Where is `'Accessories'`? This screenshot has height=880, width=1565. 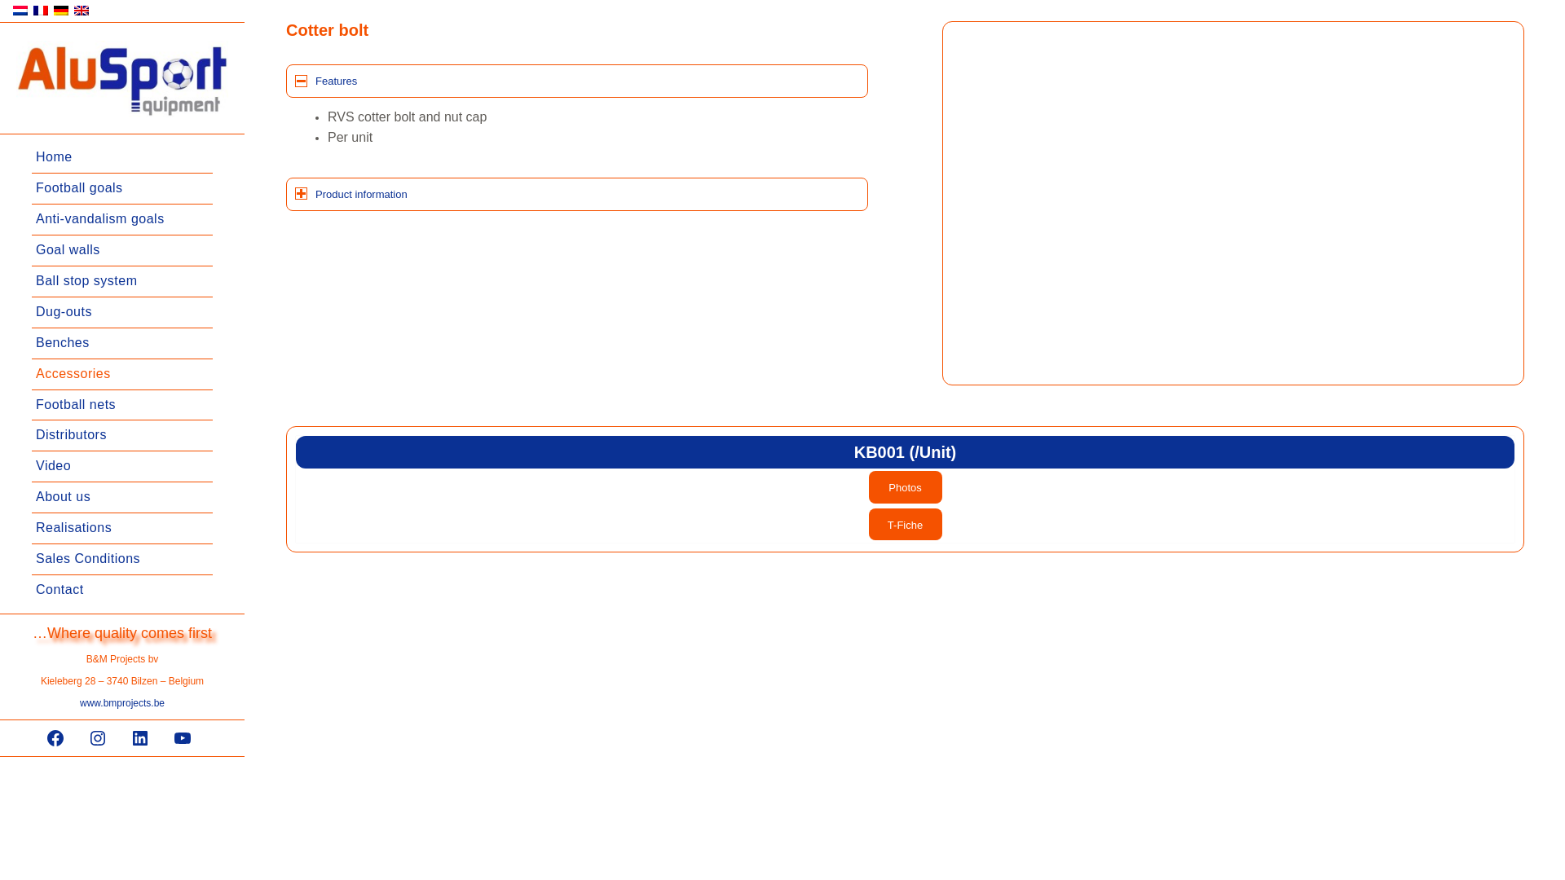
'Accessories' is located at coordinates (121, 374).